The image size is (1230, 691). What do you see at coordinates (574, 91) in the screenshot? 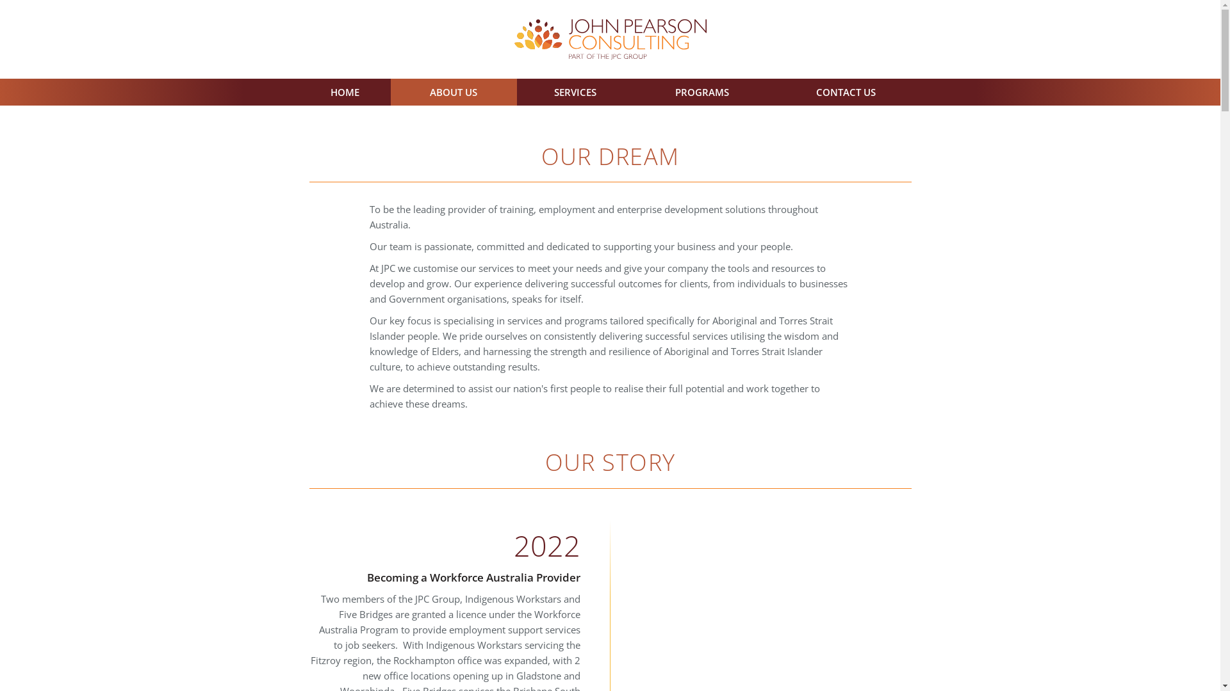
I see `'SERVICES'` at bounding box center [574, 91].